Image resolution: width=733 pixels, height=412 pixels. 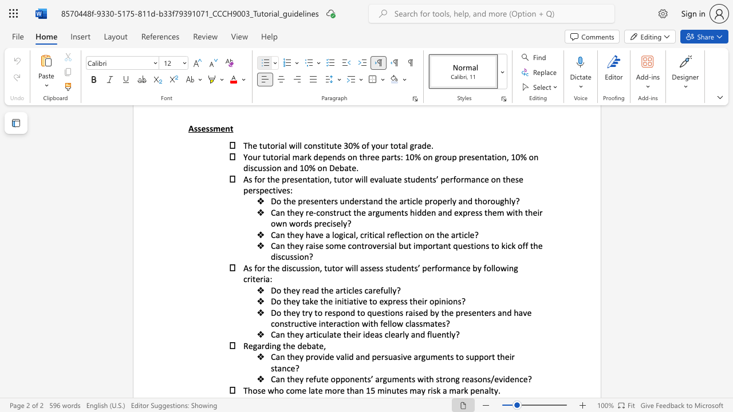 What do you see at coordinates (308, 290) in the screenshot?
I see `the 2th character "e" in the text` at bounding box center [308, 290].